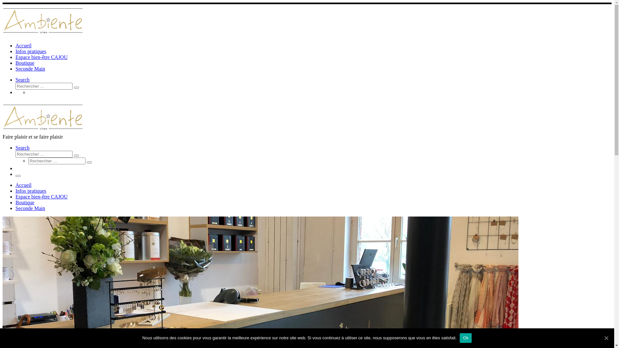  Describe the element at coordinates (15, 208) in the screenshot. I see `'Seconde Main'` at that location.